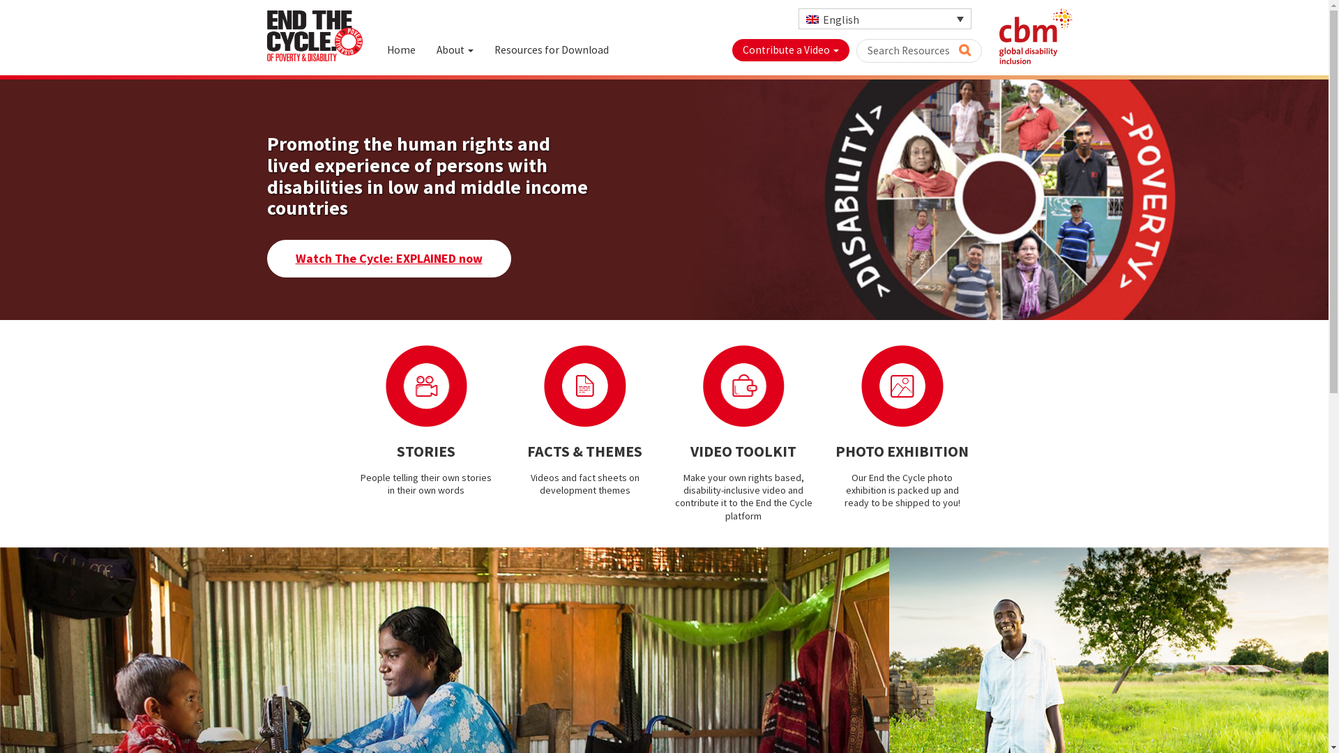  I want to click on 'STORIES, so click(425, 420).